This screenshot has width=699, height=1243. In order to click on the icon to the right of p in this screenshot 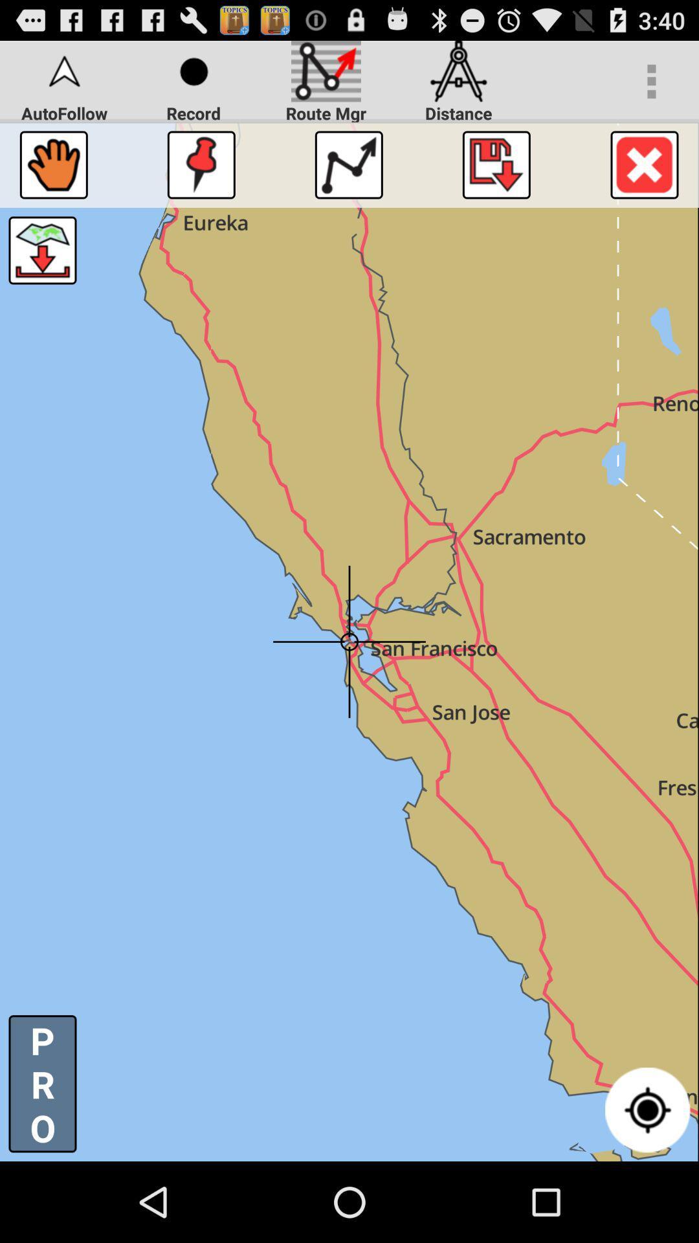, I will do `click(647, 1109)`.